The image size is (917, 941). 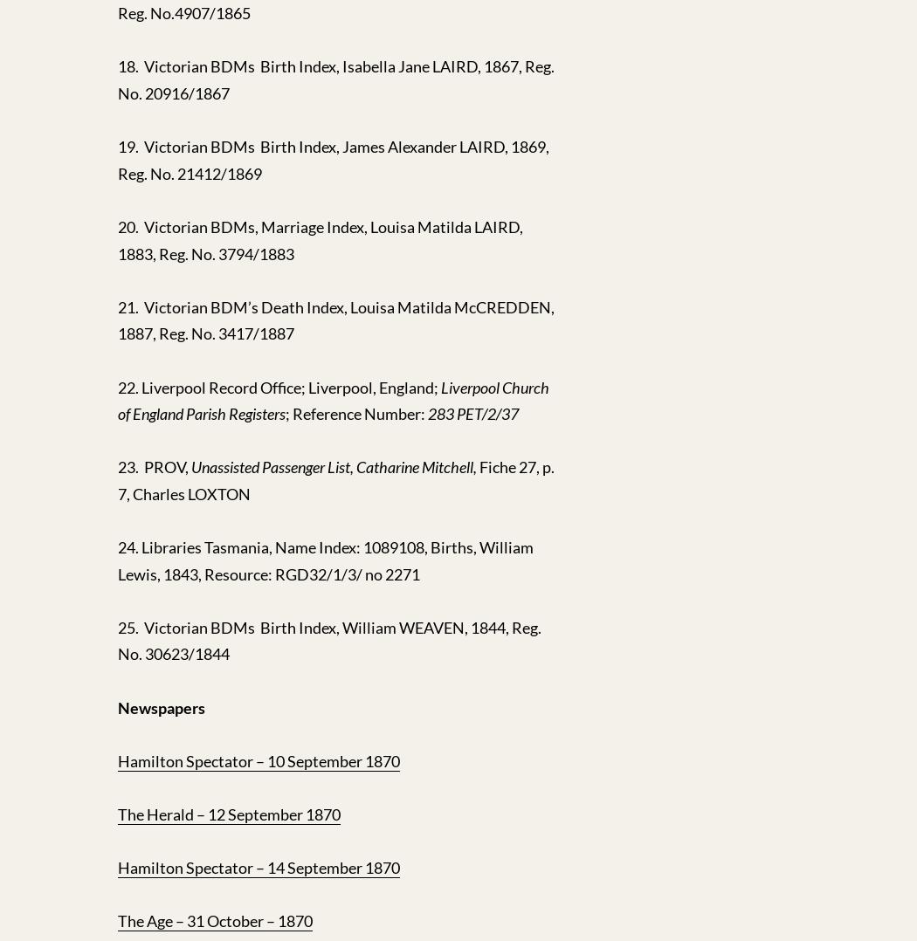 What do you see at coordinates (319, 239) in the screenshot?
I see `'20.  Victorian BDMs, Marriage Index, Louisa Matilda LAIRD, 1883, Reg. No. 3794/1883'` at bounding box center [319, 239].